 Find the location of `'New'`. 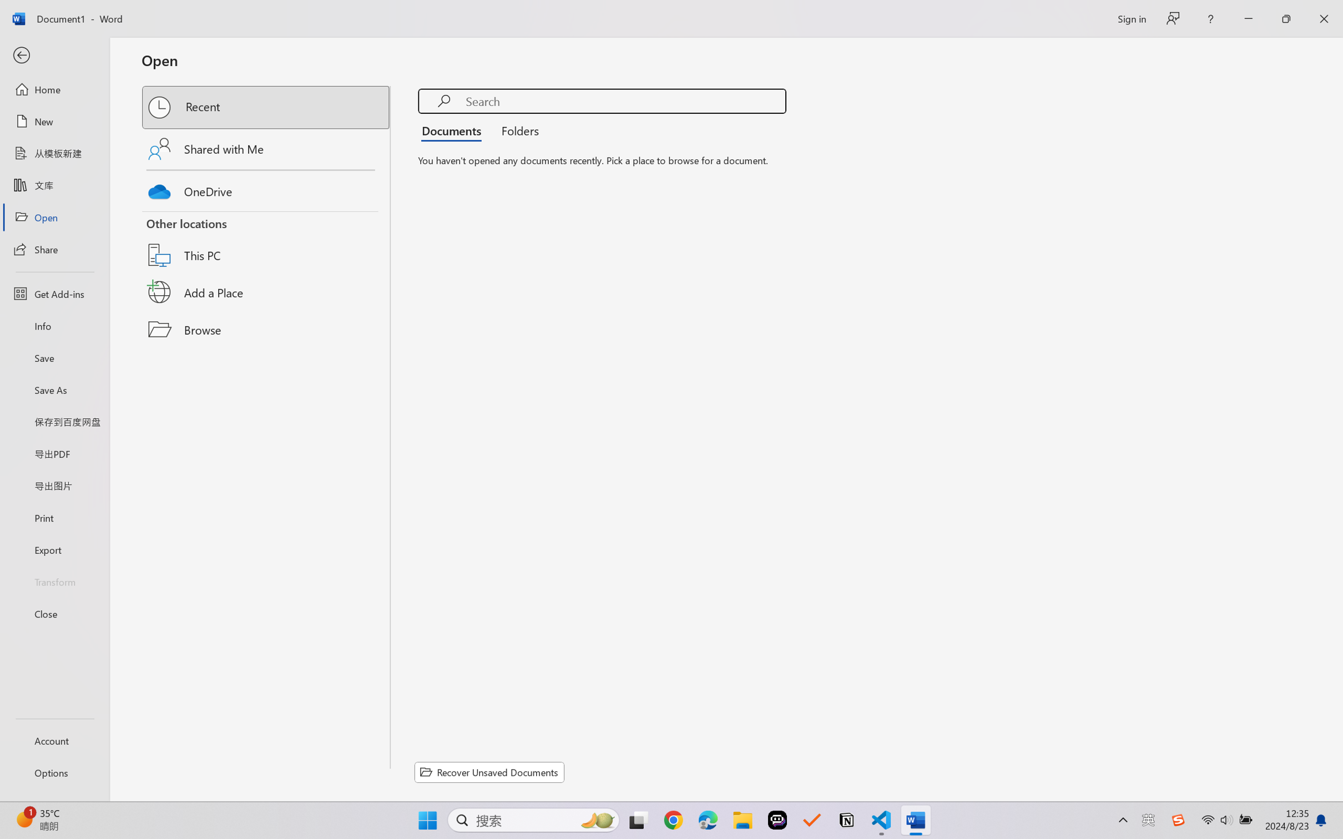

'New' is located at coordinates (54, 120).